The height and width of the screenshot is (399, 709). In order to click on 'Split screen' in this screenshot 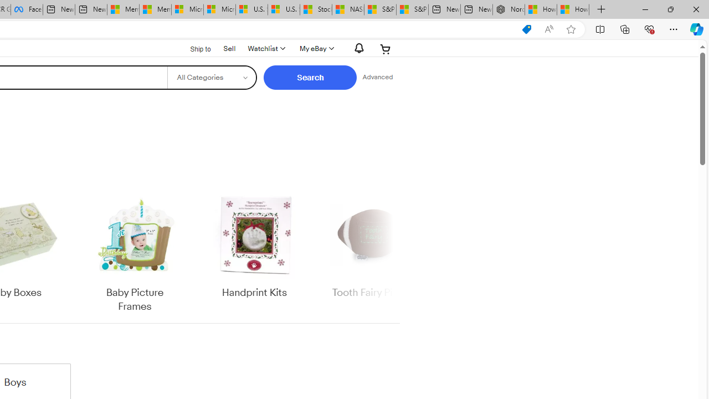, I will do `click(599, 28)`.